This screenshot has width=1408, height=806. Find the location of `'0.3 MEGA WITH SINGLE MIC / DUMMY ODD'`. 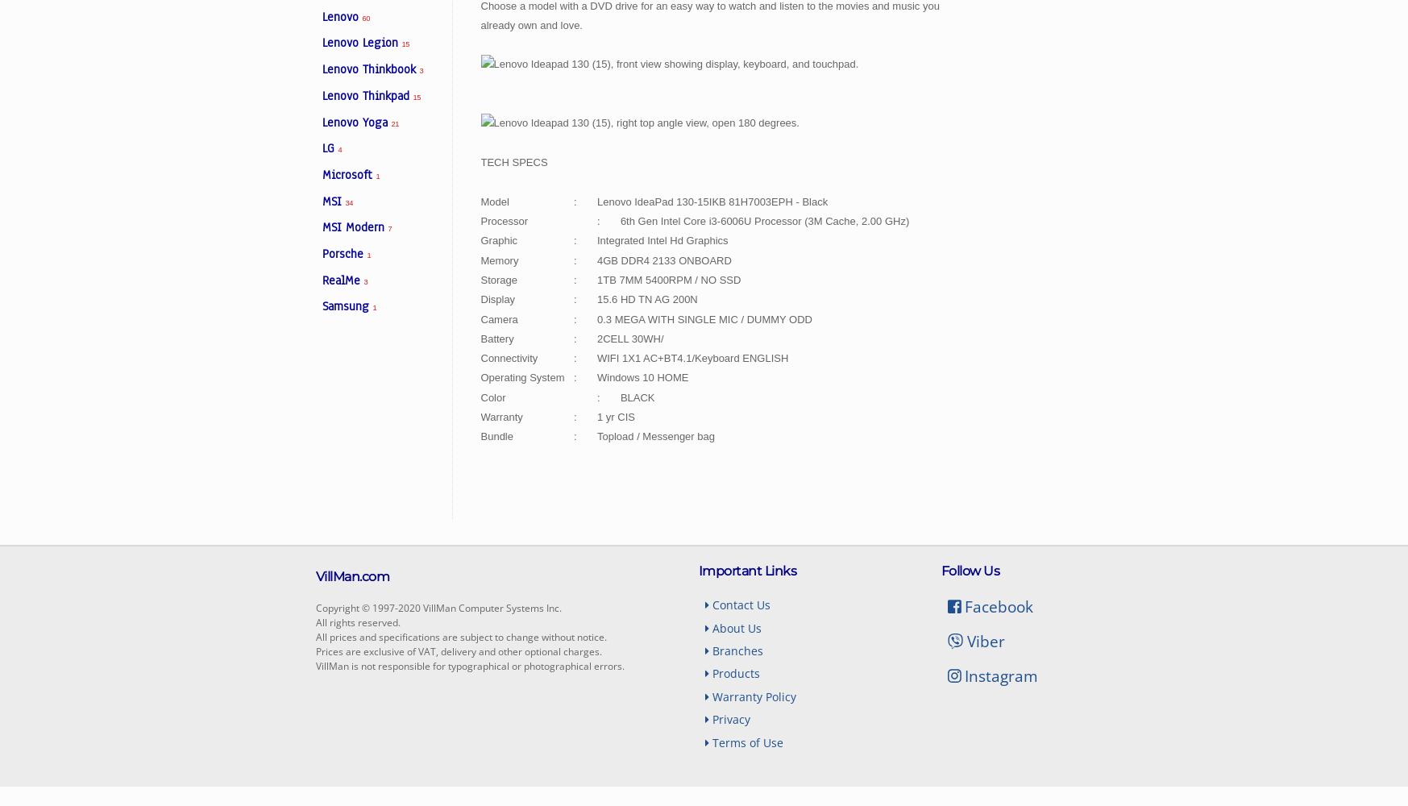

'0.3 MEGA WITH SINGLE MIC / DUMMY ODD' is located at coordinates (704, 318).